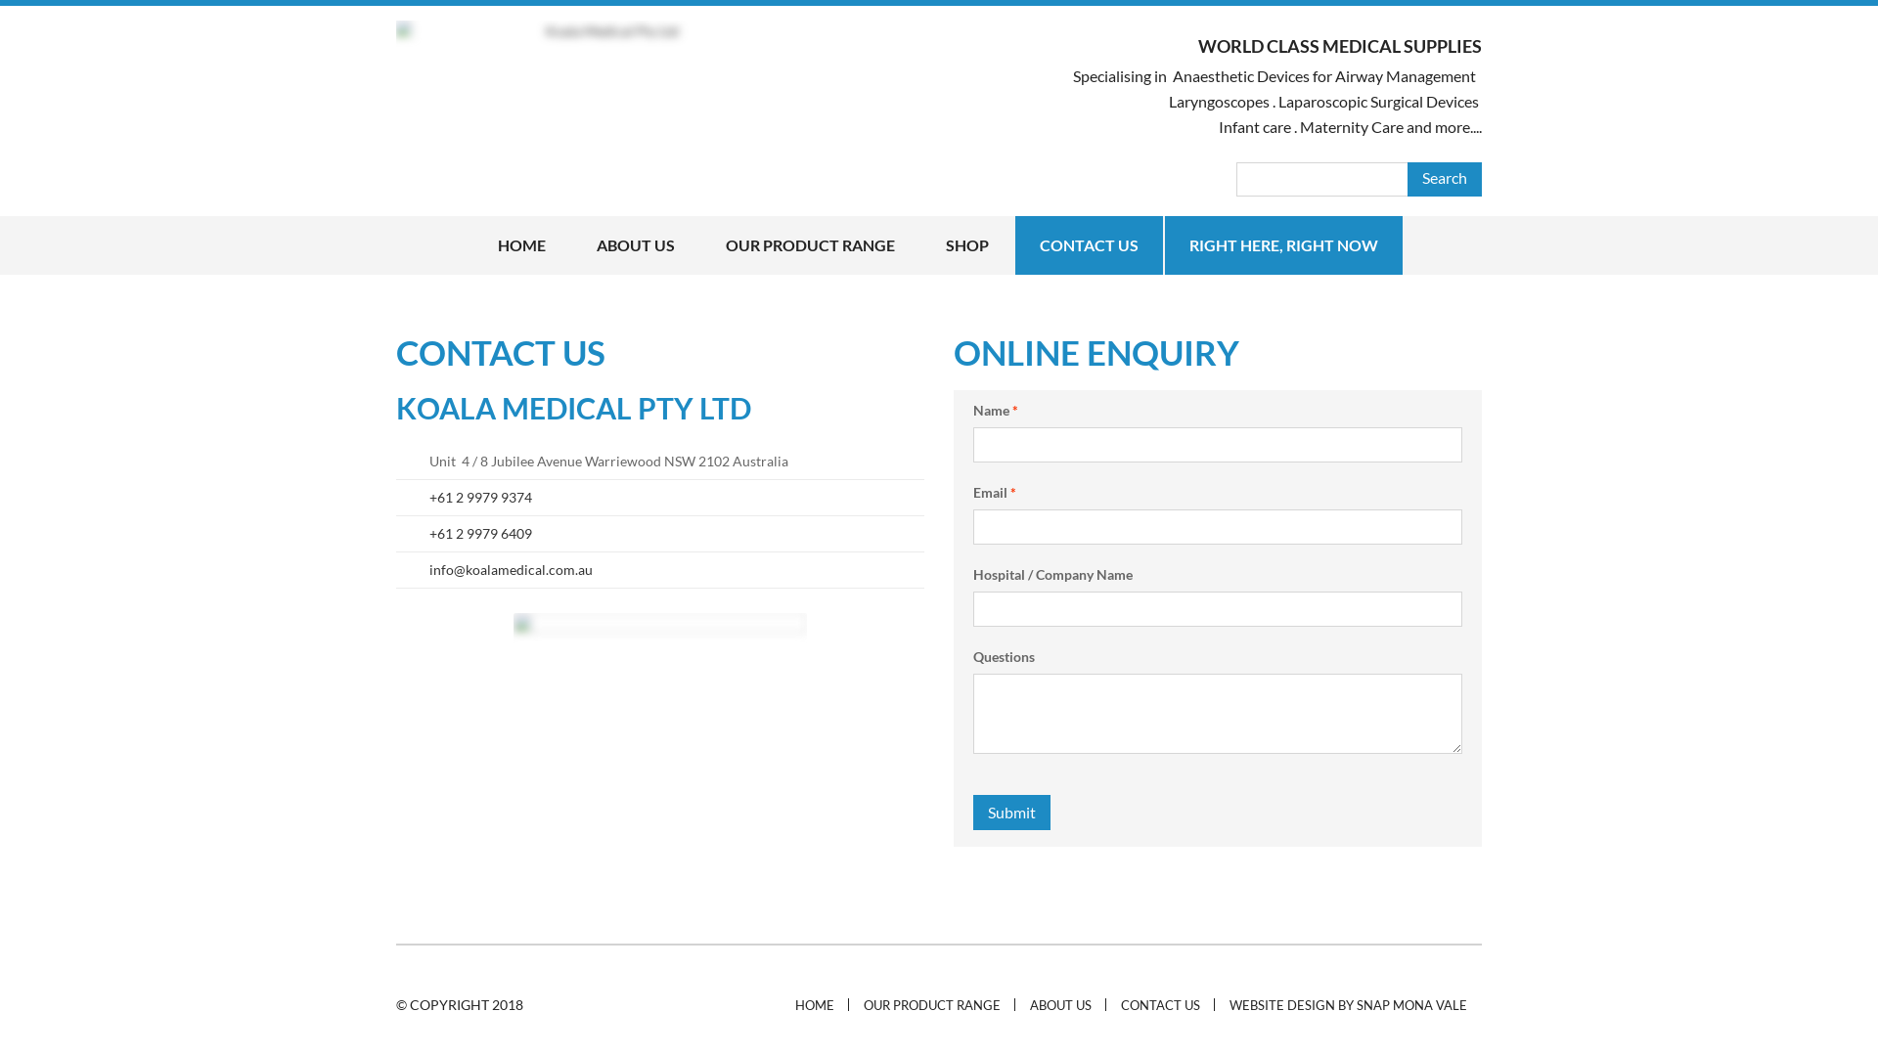  What do you see at coordinates (427, 533) in the screenshot?
I see `'+61 2 9979 6409'` at bounding box center [427, 533].